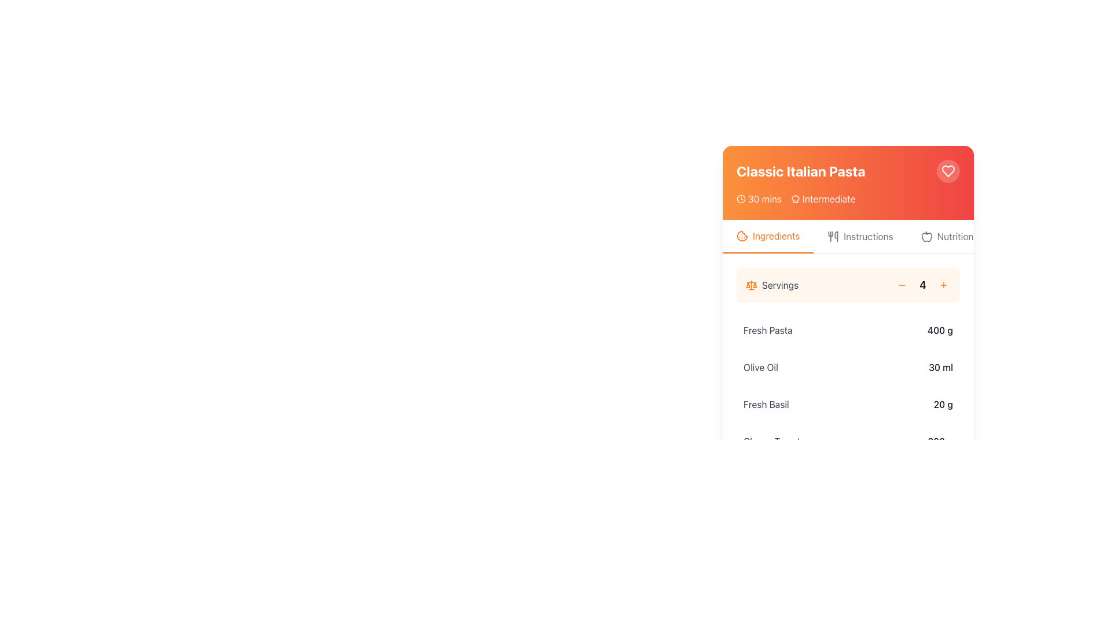 The height and width of the screenshot is (625, 1111). I want to click on the Nutrition button located on the far right of the horizontal navigation bar to switch the displayed content to show information related to nutrition, so click(947, 236).